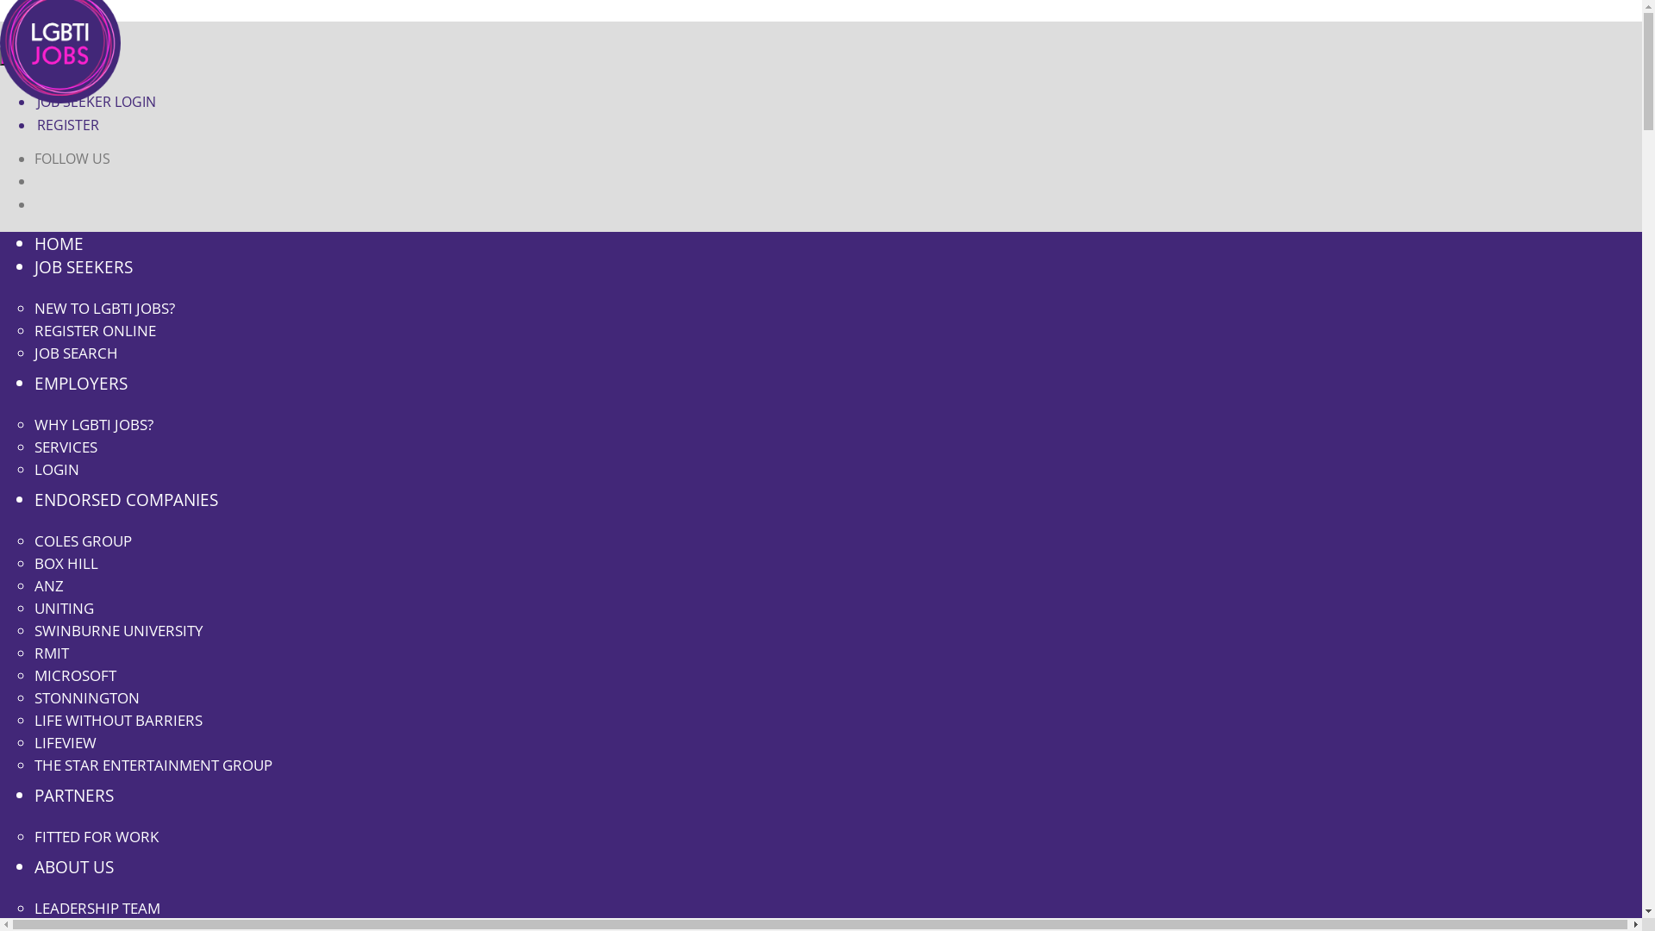 This screenshot has height=931, width=1655. I want to click on 'LEADERSHIP TEAM', so click(97, 907).